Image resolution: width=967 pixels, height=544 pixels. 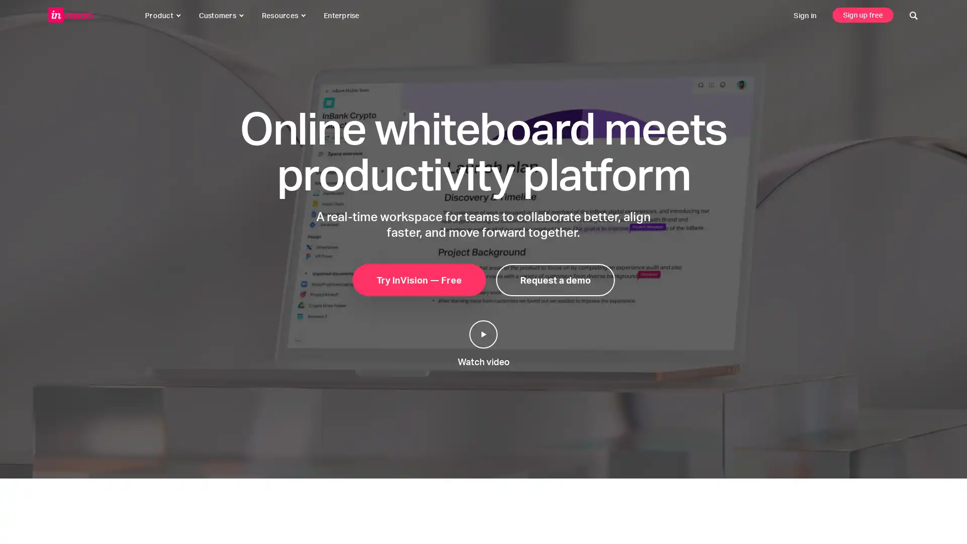 What do you see at coordinates (804, 15) in the screenshot?
I see `sign in` at bounding box center [804, 15].